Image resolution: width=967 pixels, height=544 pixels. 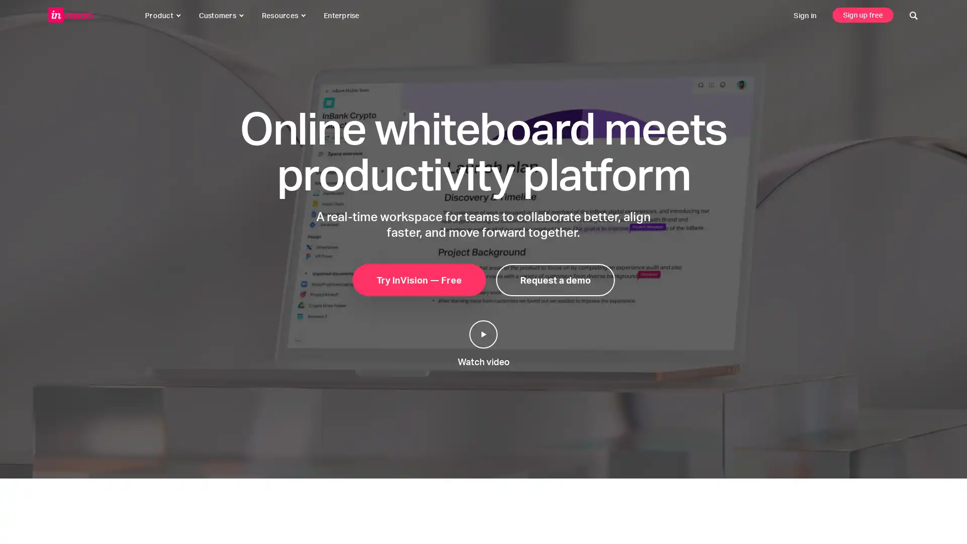 What do you see at coordinates (804, 15) in the screenshot?
I see `sign in` at bounding box center [804, 15].